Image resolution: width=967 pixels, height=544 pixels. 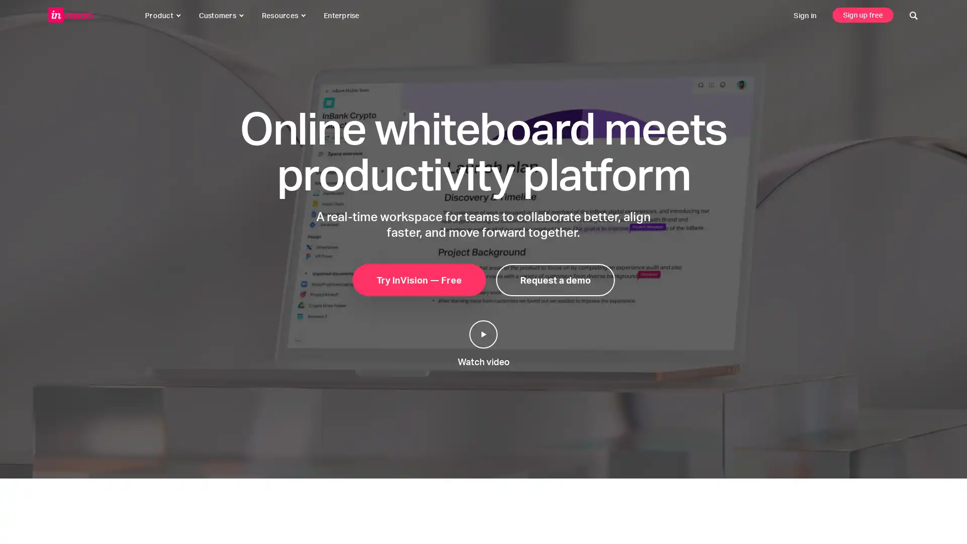 What do you see at coordinates (804, 15) in the screenshot?
I see `sign in` at bounding box center [804, 15].